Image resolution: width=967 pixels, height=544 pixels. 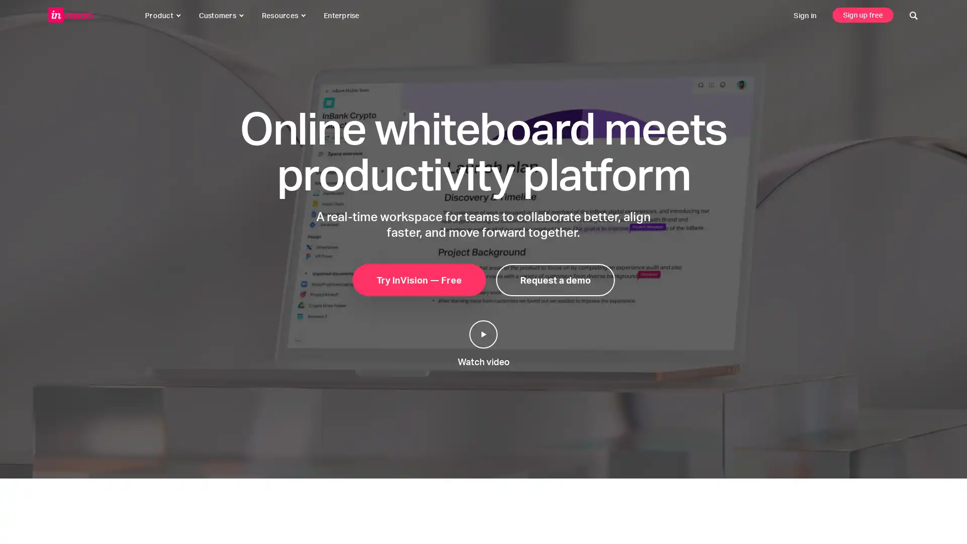 What do you see at coordinates (804, 15) in the screenshot?
I see `sign in` at bounding box center [804, 15].